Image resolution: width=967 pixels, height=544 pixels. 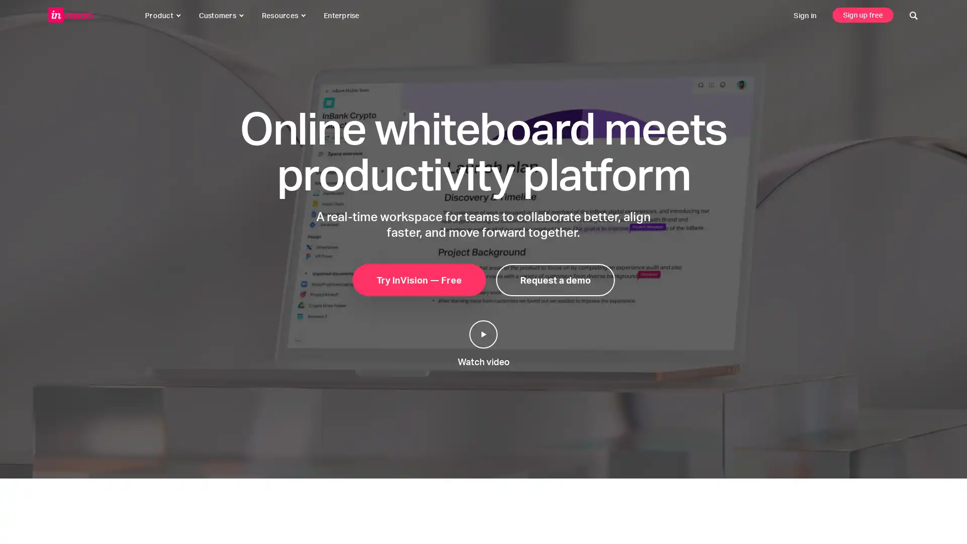 What do you see at coordinates (804, 15) in the screenshot?
I see `sign in` at bounding box center [804, 15].